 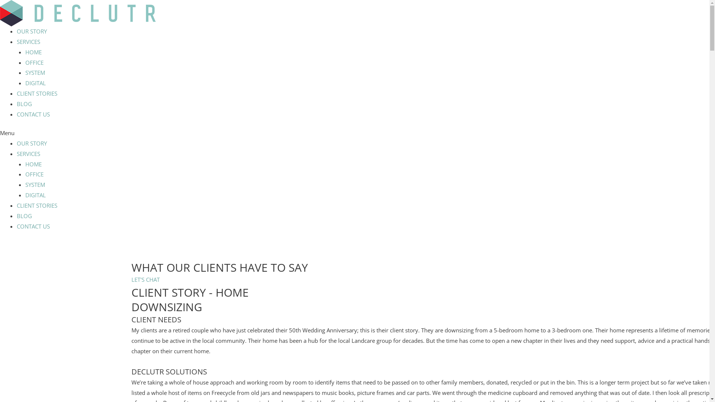 I want to click on 'SYSTEM', so click(x=25, y=184).